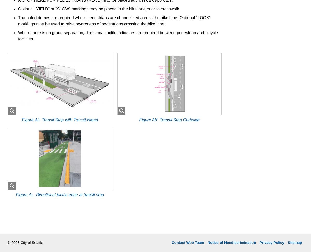 This screenshot has width=311, height=252. What do you see at coordinates (294, 242) in the screenshot?
I see `'Sitemap'` at bounding box center [294, 242].